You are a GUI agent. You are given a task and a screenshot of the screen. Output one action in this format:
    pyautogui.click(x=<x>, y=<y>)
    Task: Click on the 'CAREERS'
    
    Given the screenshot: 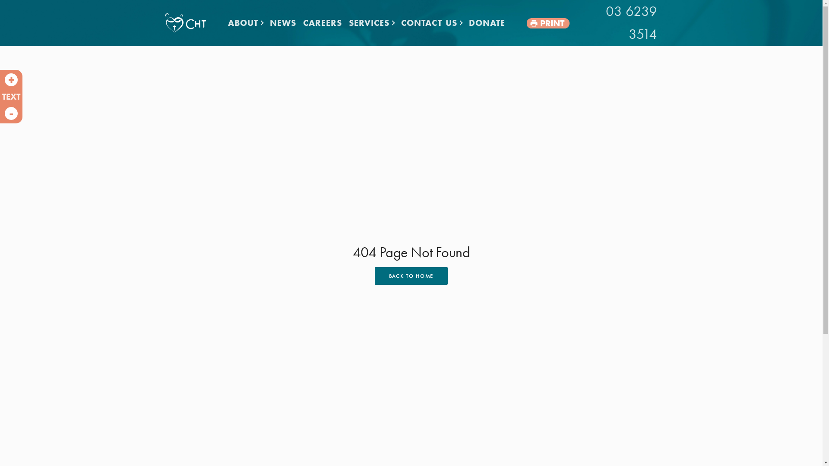 What is the action you would take?
    pyautogui.click(x=300, y=22)
    